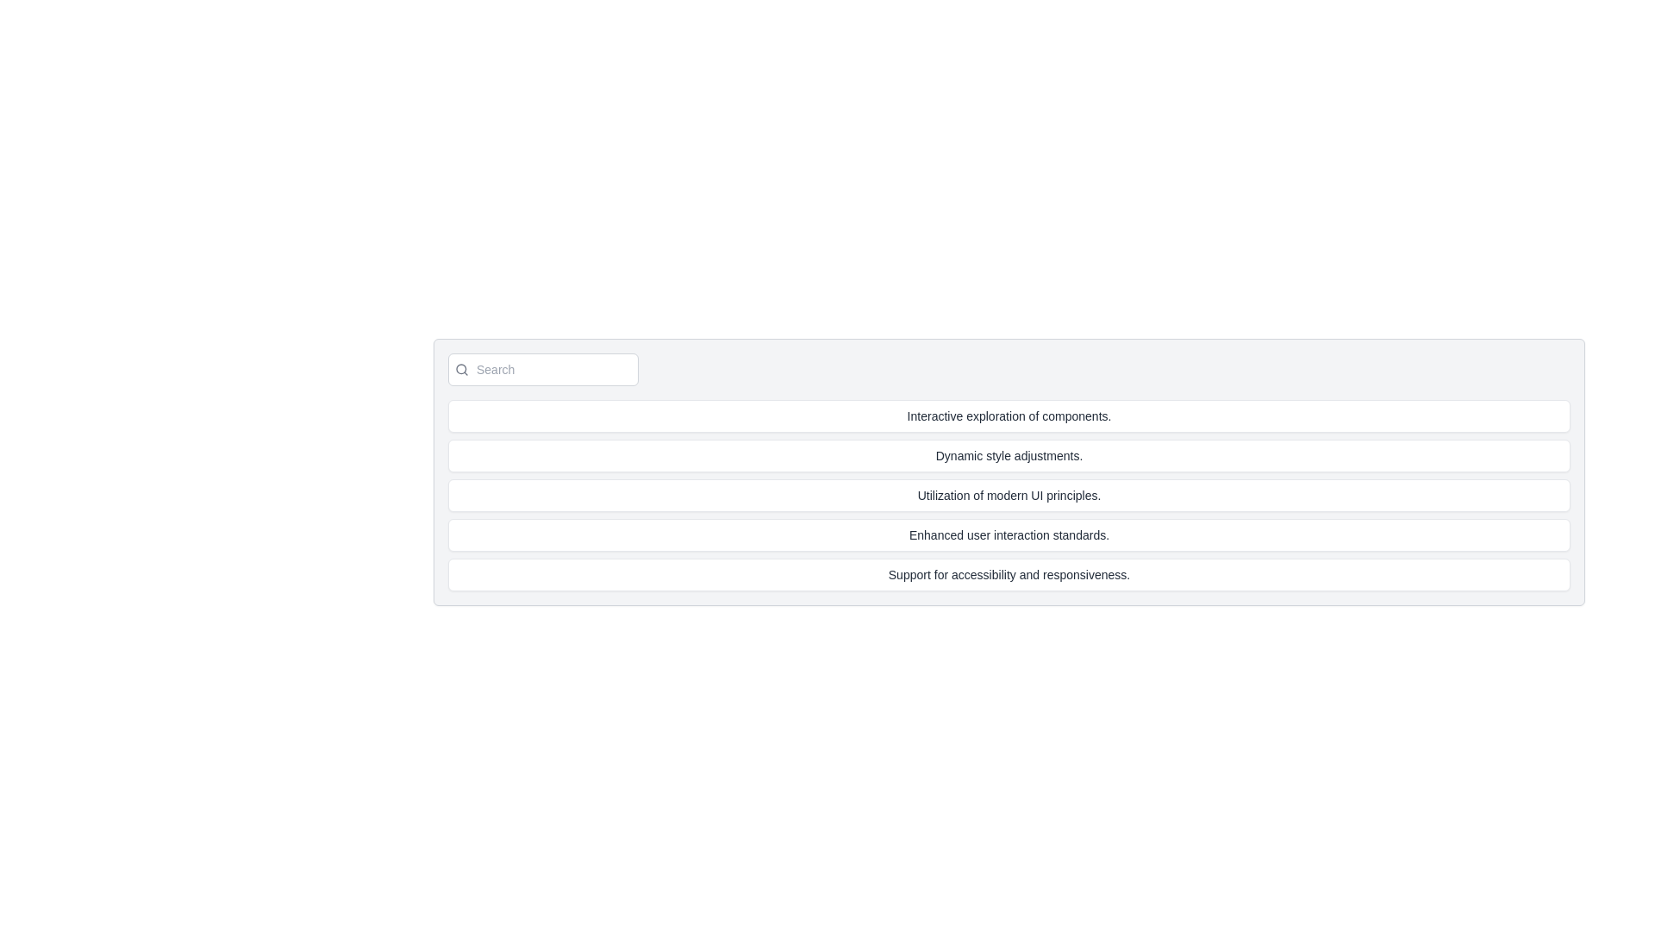 Image resolution: width=1655 pixels, height=931 pixels. Describe the element at coordinates (1024, 454) in the screenshot. I see `the character 'd' in the phrase 'Dynamic style adjustments' located in the second list item of a vertical list` at that location.